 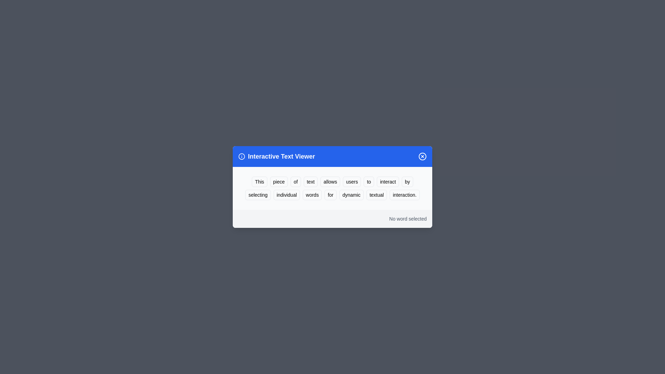 What do you see at coordinates (407, 181) in the screenshot?
I see `the word 'by' to highlight it` at bounding box center [407, 181].